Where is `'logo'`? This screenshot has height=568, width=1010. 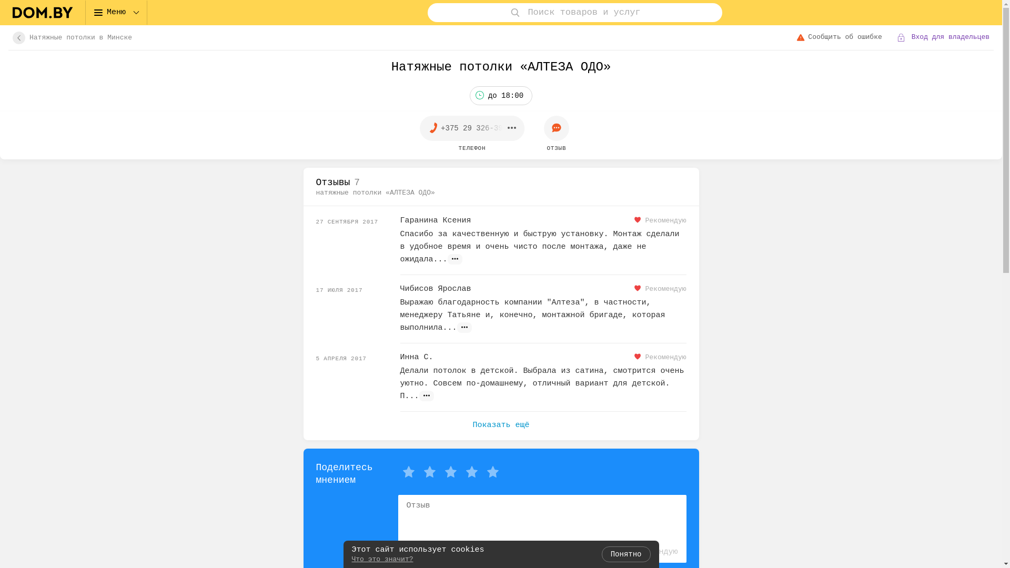 'logo' is located at coordinates (42, 12).